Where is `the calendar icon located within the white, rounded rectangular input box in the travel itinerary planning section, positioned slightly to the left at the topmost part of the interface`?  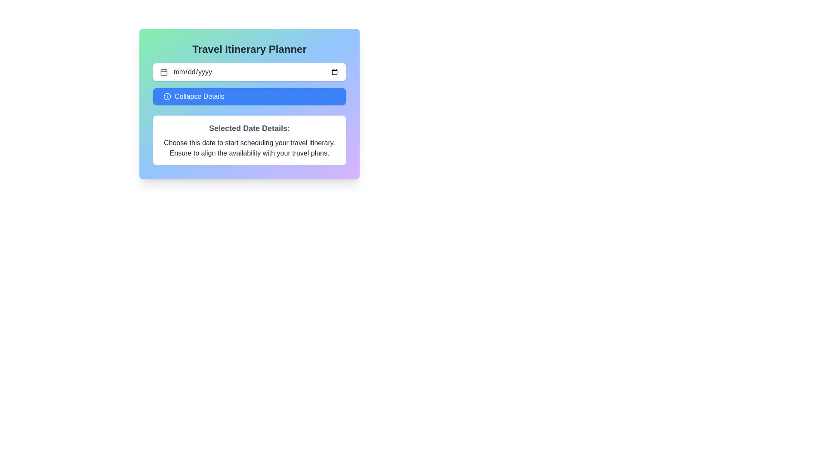
the calendar icon located within the white, rounded rectangular input box in the travel itinerary planning section, positioned slightly to the left at the topmost part of the interface is located at coordinates (164, 72).